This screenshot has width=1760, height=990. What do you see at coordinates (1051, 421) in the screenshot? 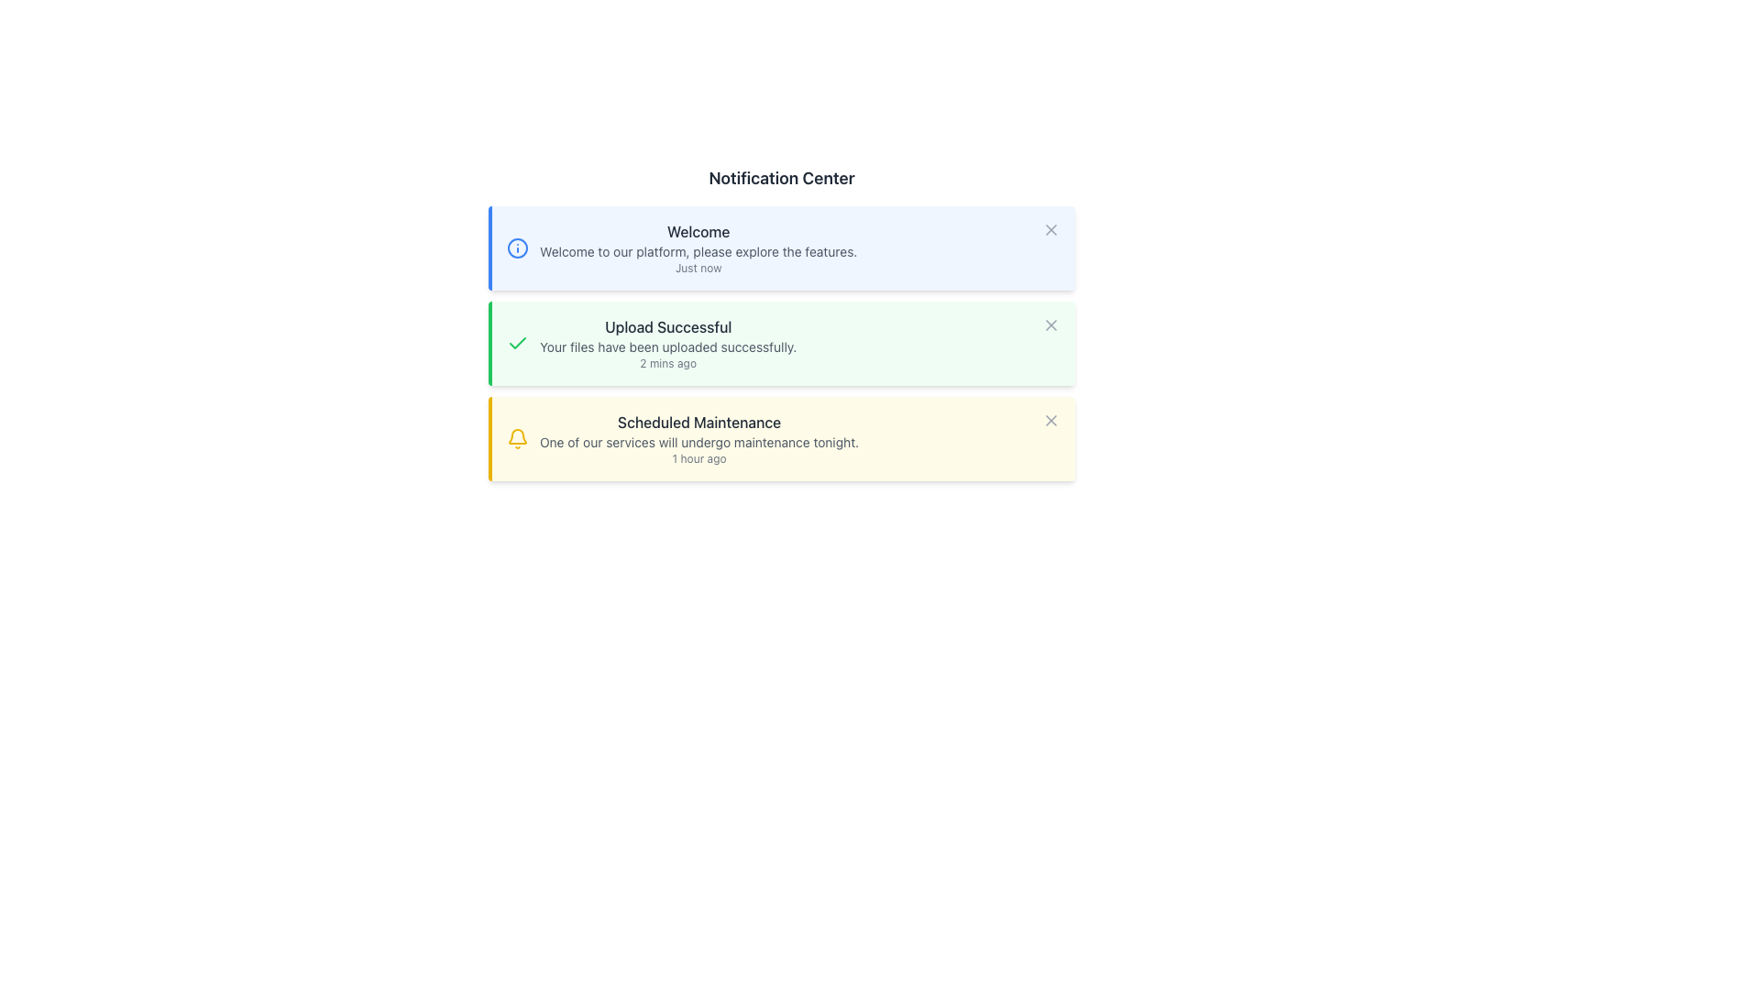
I see `the close button 'X' located at the top-right corner of the notification box labeled 'Scheduled Maintenance'` at bounding box center [1051, 421].